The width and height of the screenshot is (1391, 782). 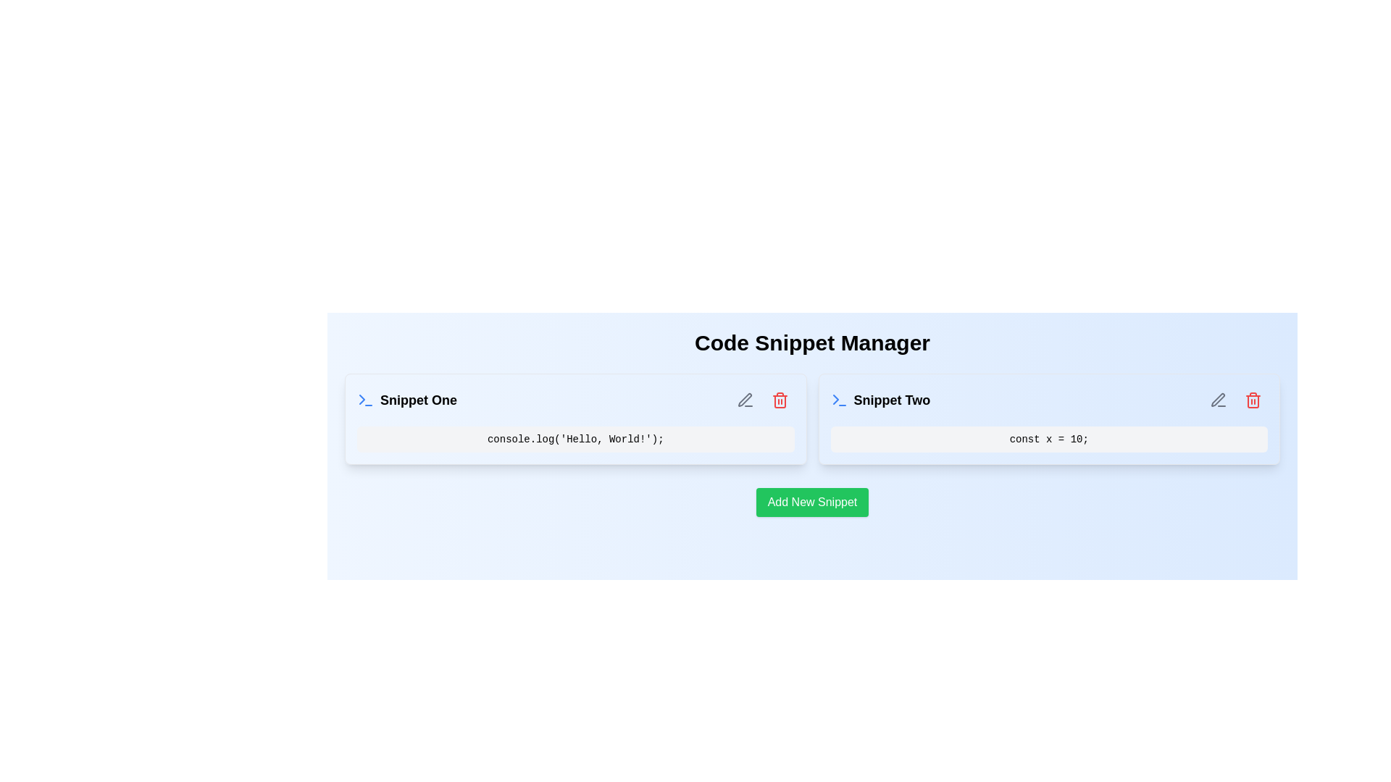 I want to click on the button that triggers the snippet creation form by, so click(x=812, y=502).